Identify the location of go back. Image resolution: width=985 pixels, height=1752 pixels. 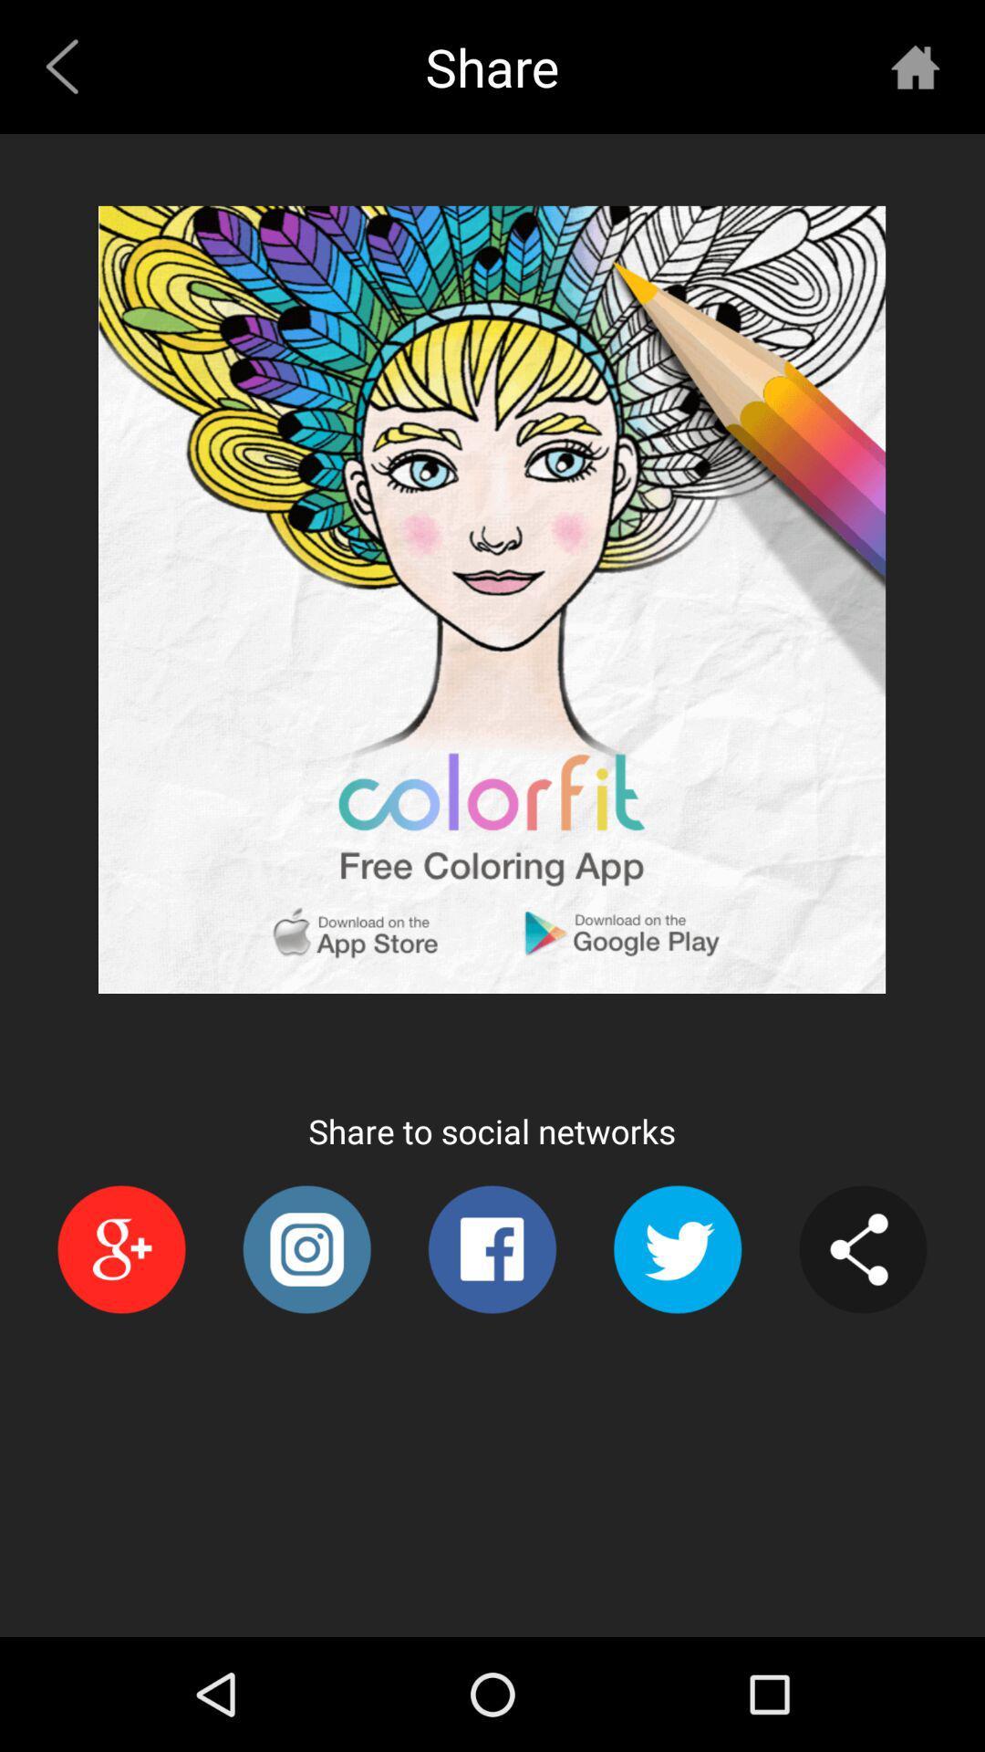
(68, 67).